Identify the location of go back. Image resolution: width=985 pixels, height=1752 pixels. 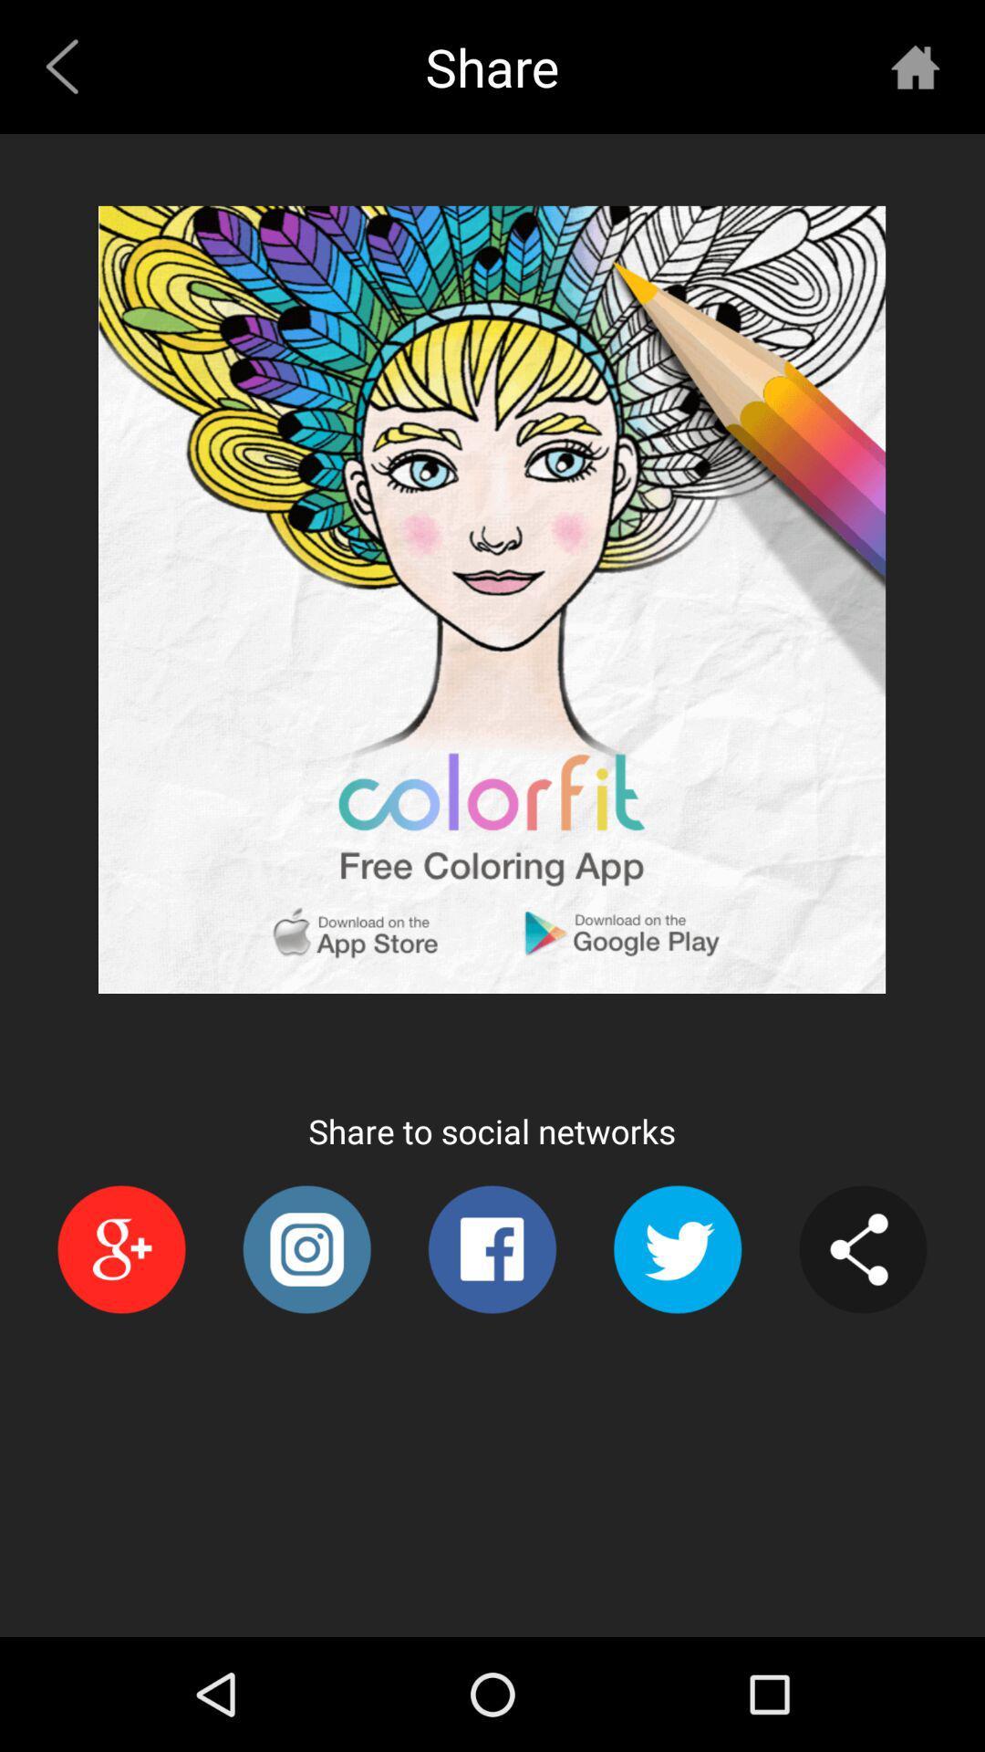
(68, 67).